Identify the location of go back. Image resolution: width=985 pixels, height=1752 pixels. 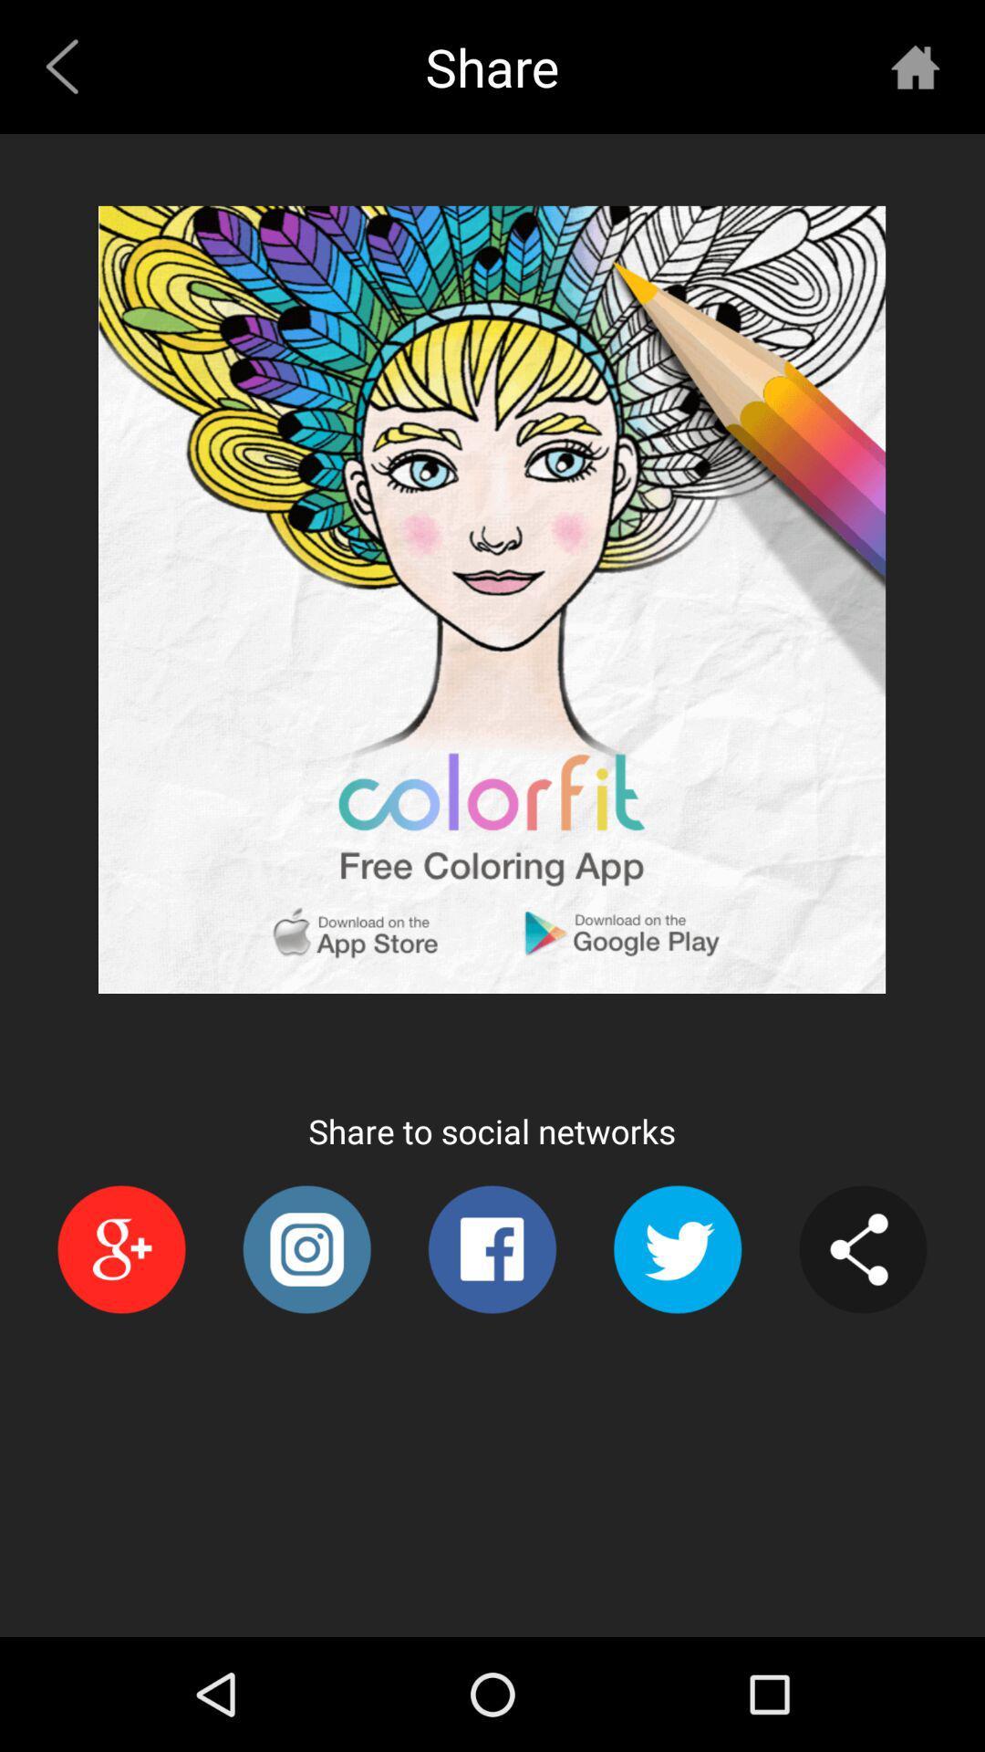
(68, 67).